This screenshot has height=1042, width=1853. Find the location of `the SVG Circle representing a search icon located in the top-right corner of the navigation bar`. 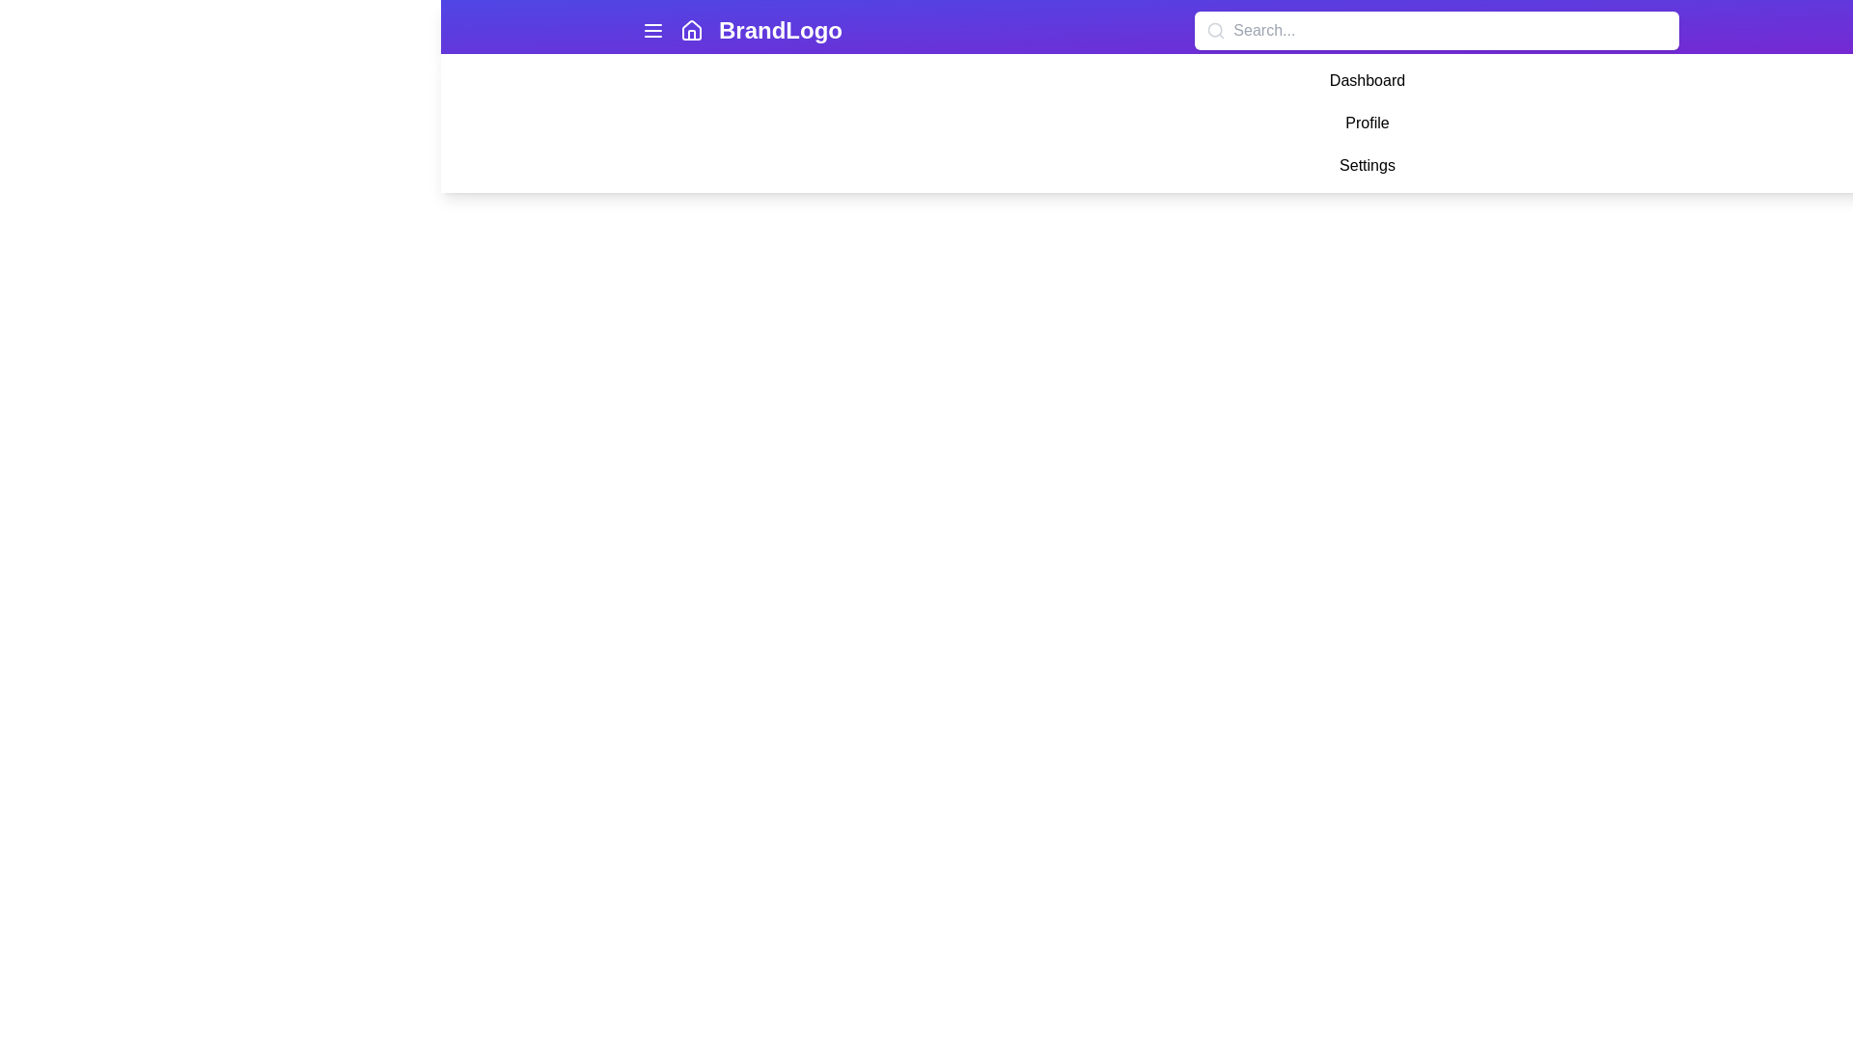

the SVG Circle representing a search icon located in the top-right corner of the navigation bar is located at coordinates (1214, 30).